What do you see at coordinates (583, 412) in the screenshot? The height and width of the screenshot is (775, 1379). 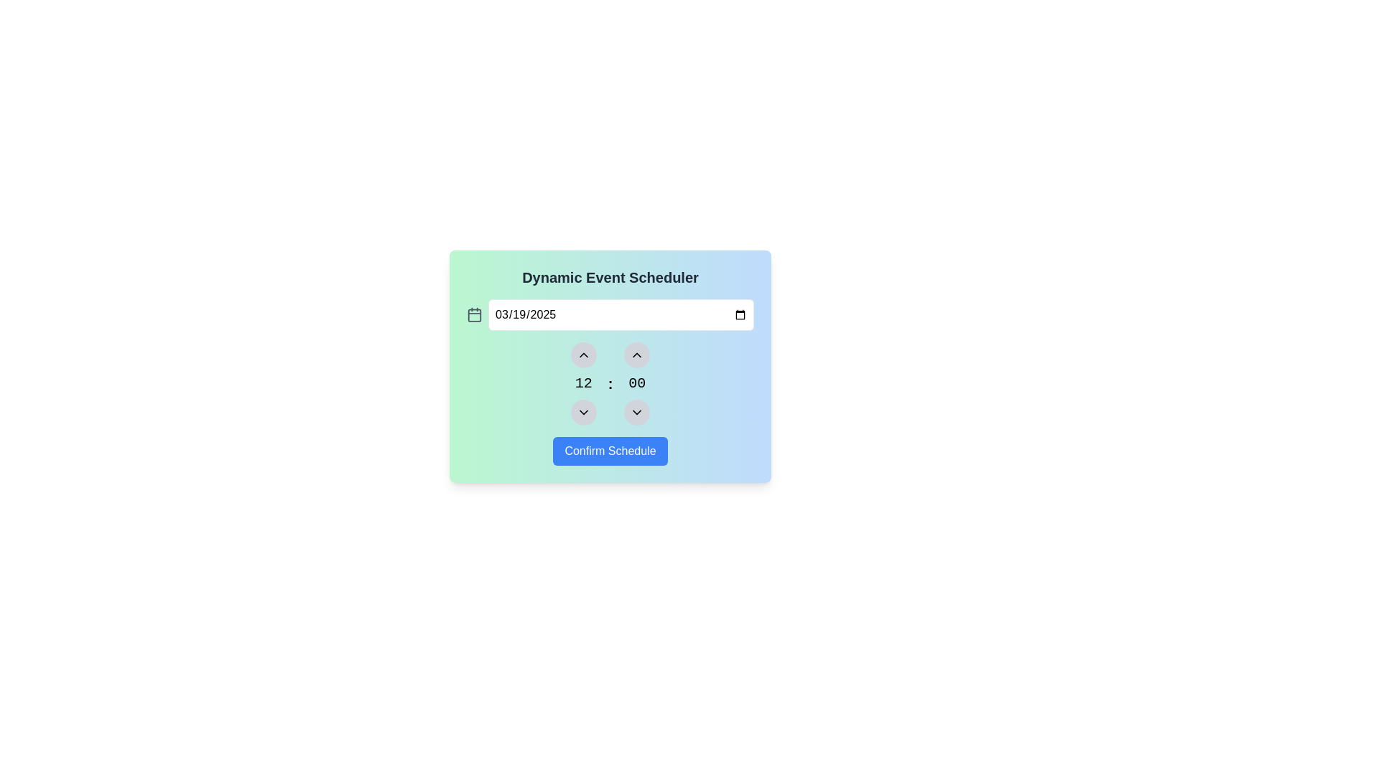 I see `the Dropdown button icon located centrally near the bottom part of the interface, right below the hour selector for the time setting for keyboard navigation` at bounding box center [583, 412].